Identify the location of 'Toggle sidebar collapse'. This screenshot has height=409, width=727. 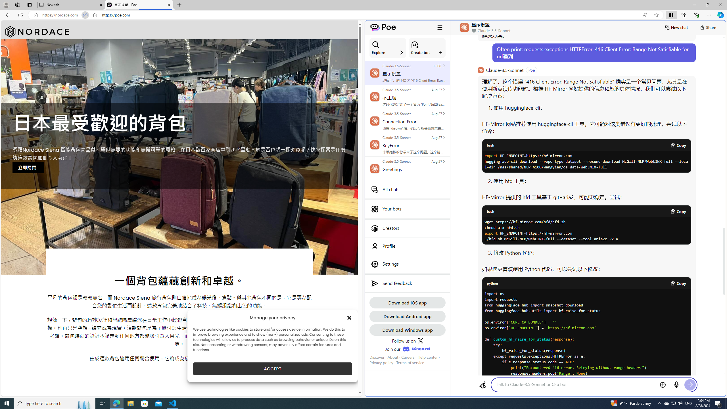
(440, 27).